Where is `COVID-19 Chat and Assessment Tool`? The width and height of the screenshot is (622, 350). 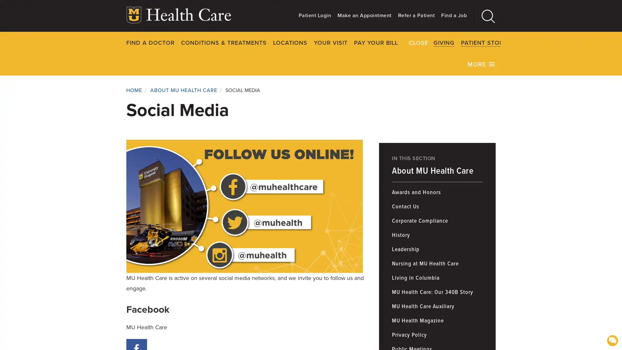 COVID-19 Chat and Assessment Tool is located at coordinates (612, 340).